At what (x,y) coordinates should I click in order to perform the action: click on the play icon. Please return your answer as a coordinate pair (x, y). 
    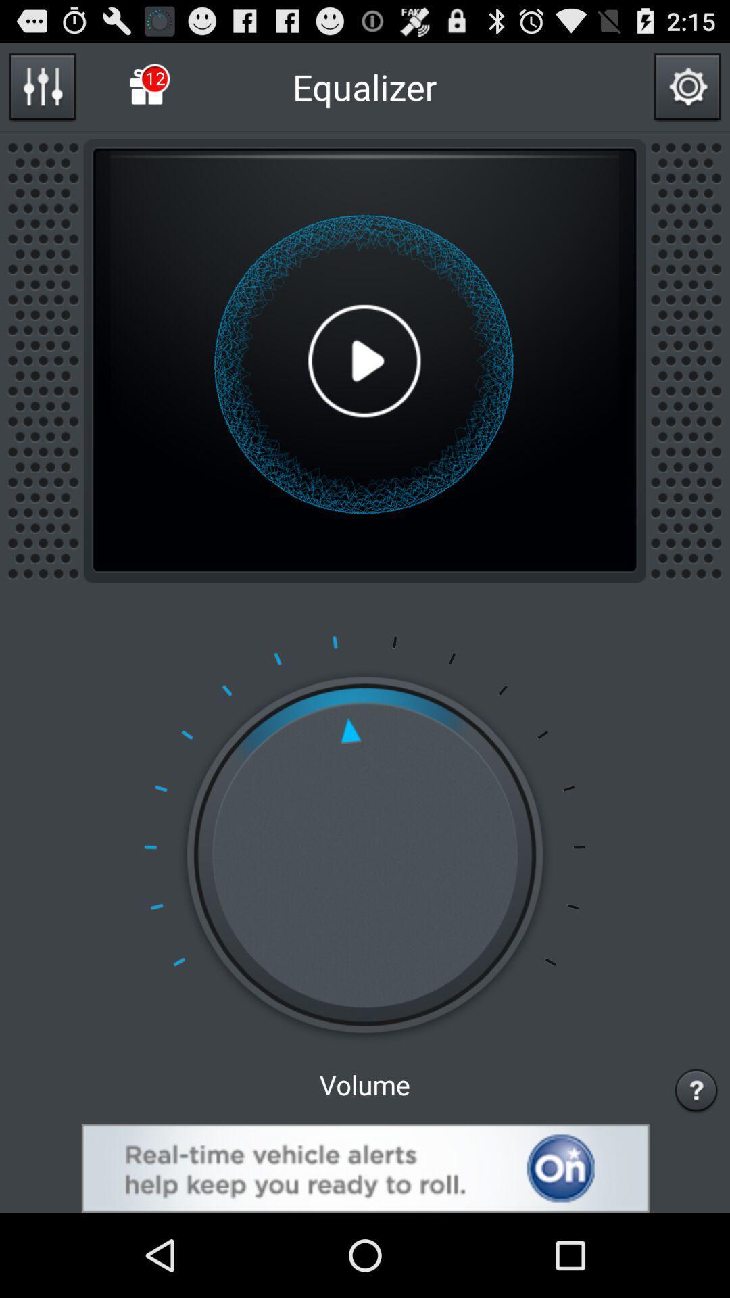
    Looking at the image, I should click on (364, 385).